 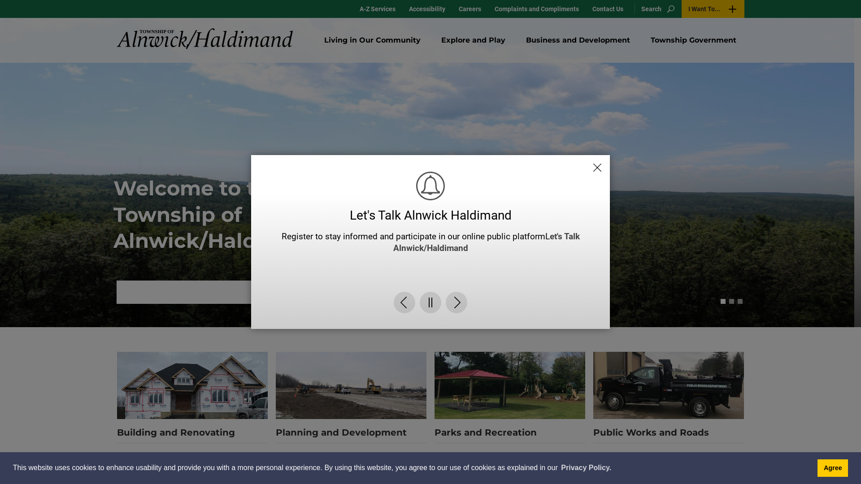 What do you see at coordinates (404, 311) in the screenshot?
I see `'Previous'` at bounding box center [404, 311].